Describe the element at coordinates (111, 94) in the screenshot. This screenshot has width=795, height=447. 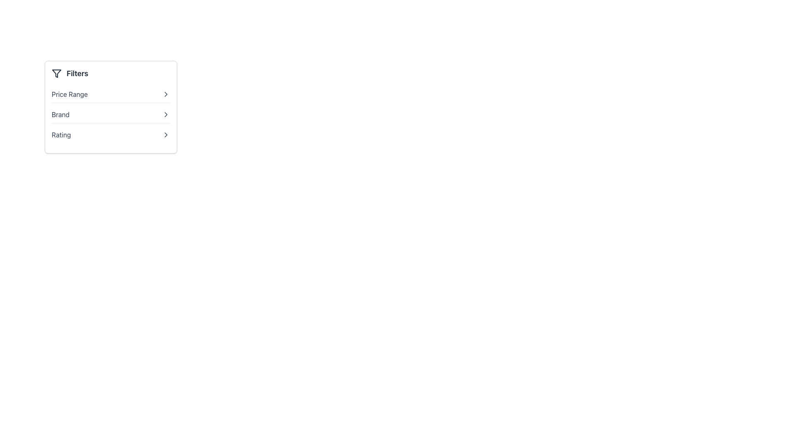
I see `the first menu item in the 'Filters' panel` at that location.